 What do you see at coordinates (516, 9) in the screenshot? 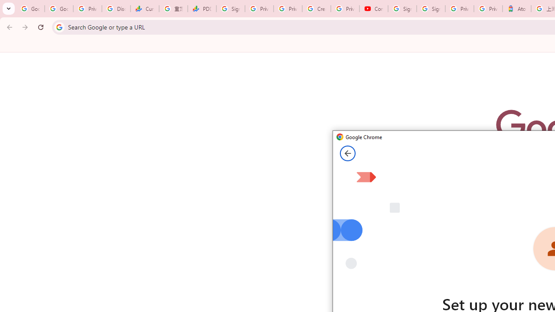
I see `'Atour Hotel - Google hotels'` at bounding box center [516, 9].